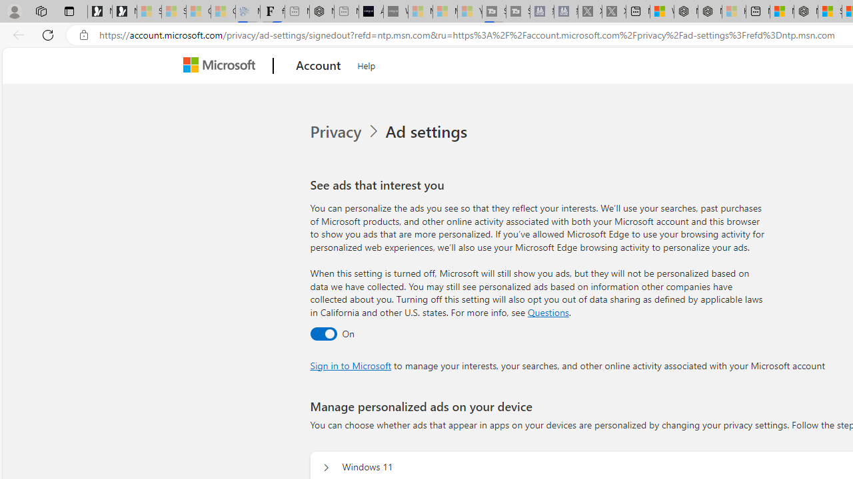 The height and width of the screenshot is (479, 853). I want to click on 'Nordace - #1 Japanese Best-Seller - Siena Smart Backpack', so click(321, 11).